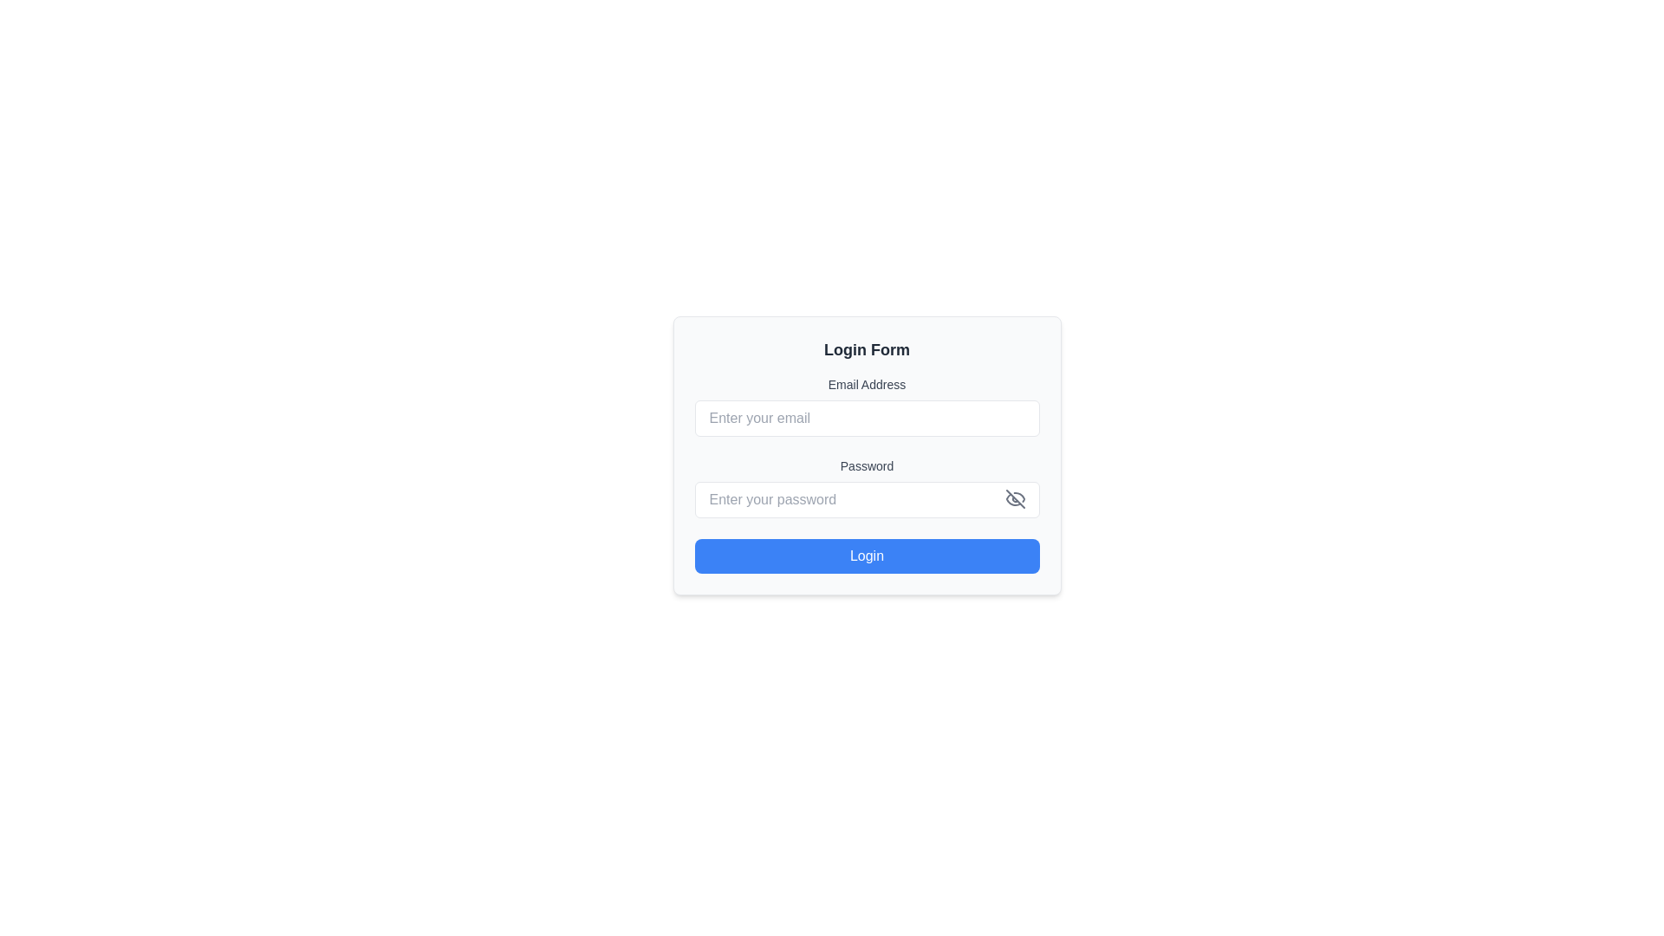 This screenshot has width=1664, height=936. What do you see at coordinates (1015, 498) in the screenshot?
I see `the icon button in the upper-right corner of the password input field` at bounding box center [1015, 498].